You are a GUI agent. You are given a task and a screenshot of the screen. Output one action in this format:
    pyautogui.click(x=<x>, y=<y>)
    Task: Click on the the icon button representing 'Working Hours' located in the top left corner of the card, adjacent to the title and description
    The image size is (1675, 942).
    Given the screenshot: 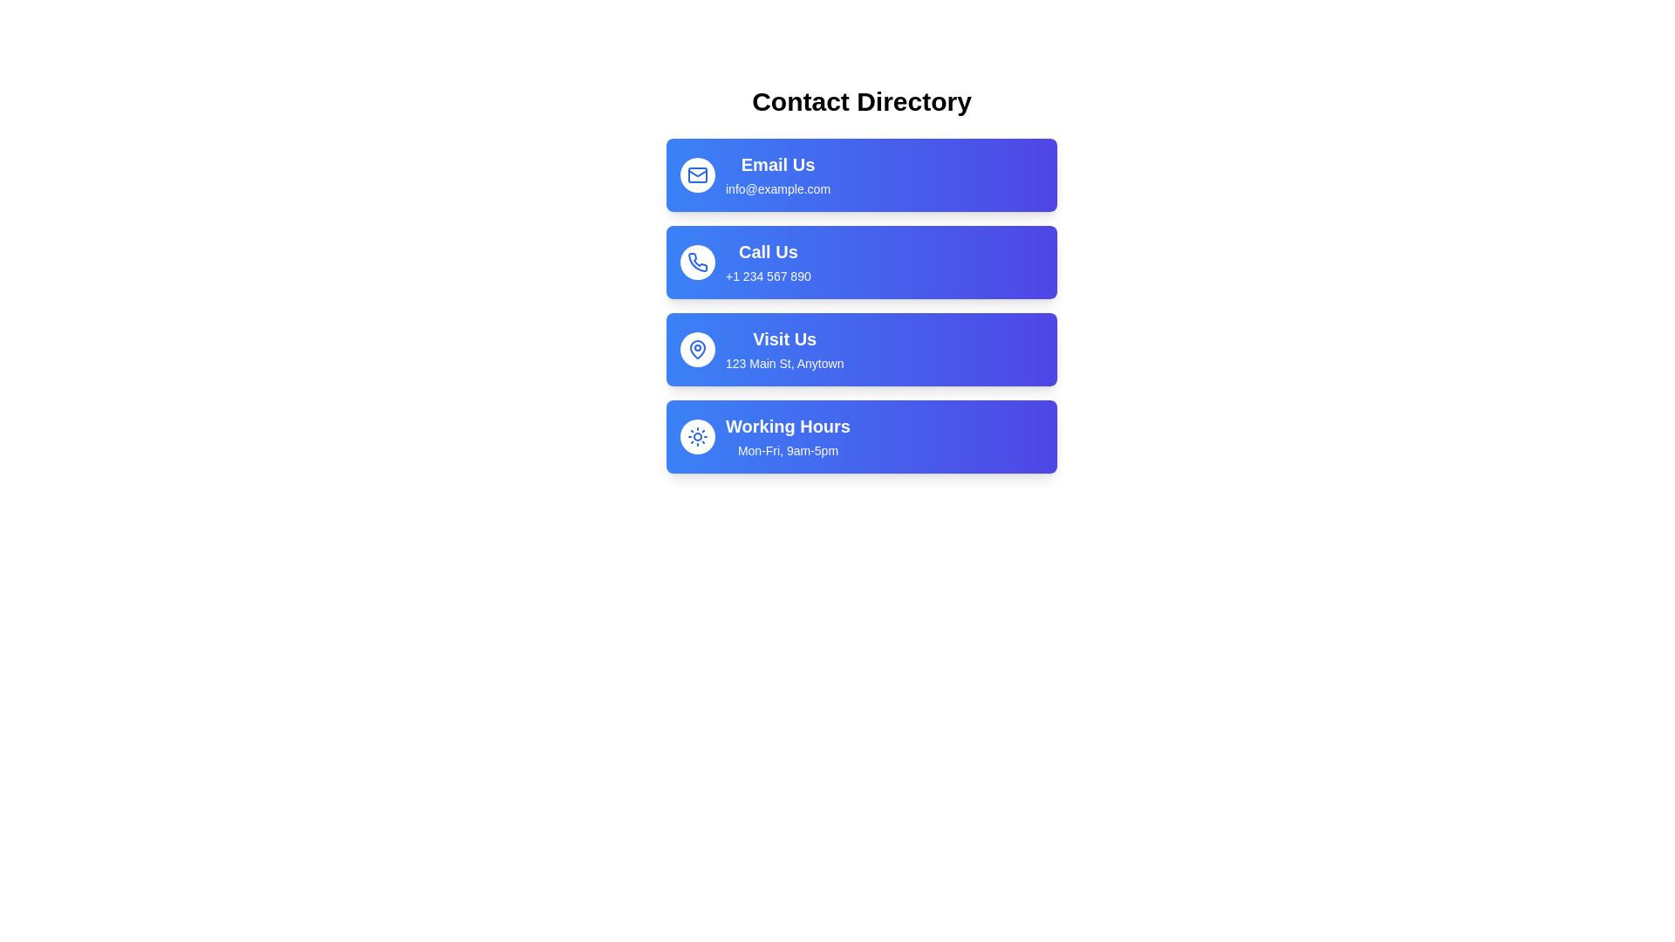 What is the action you would take?
    pyautogui.click(x=698, y=436)
    